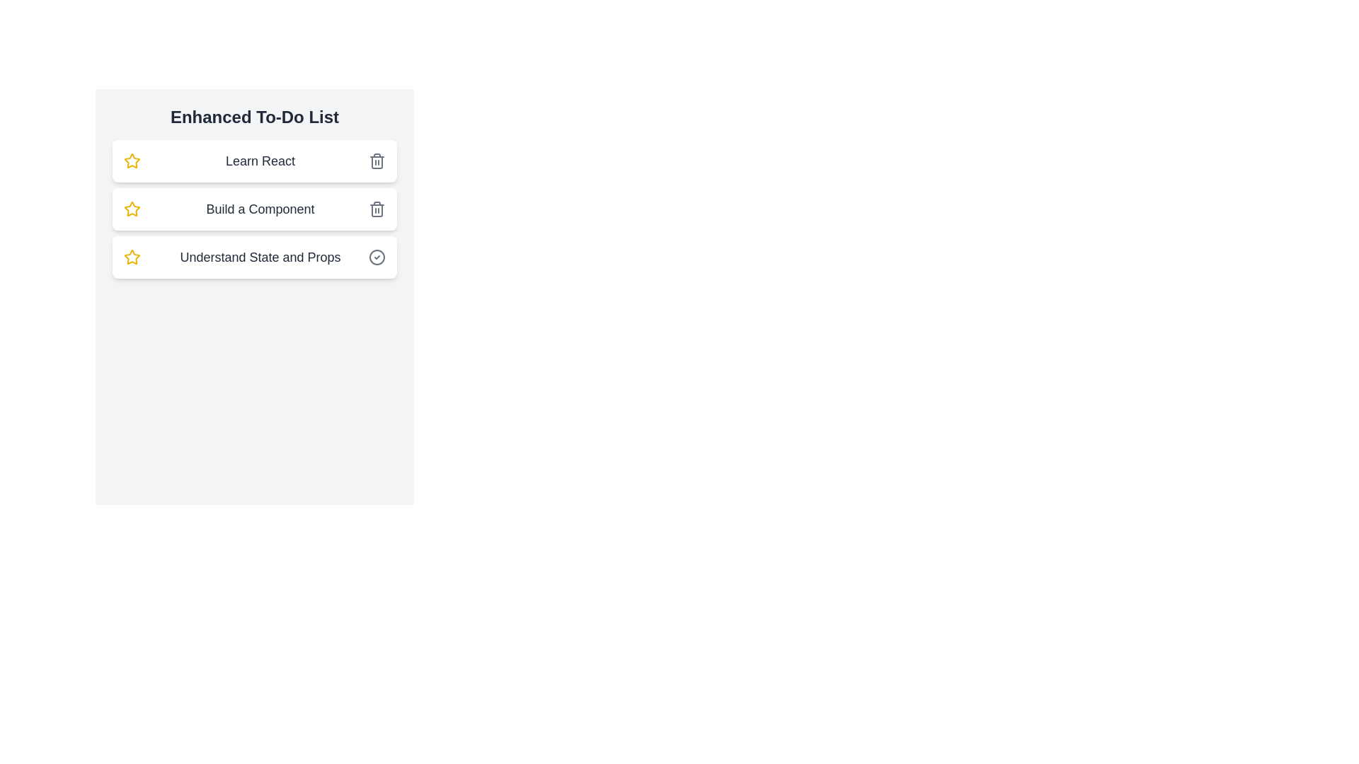 This screenshot has width=1359, height=764. Describe the element at coordinates (132, 209) in the screenshot. I see `the second star icon from the top of the list, located to the left of the 'Build a Component' task` at that location.